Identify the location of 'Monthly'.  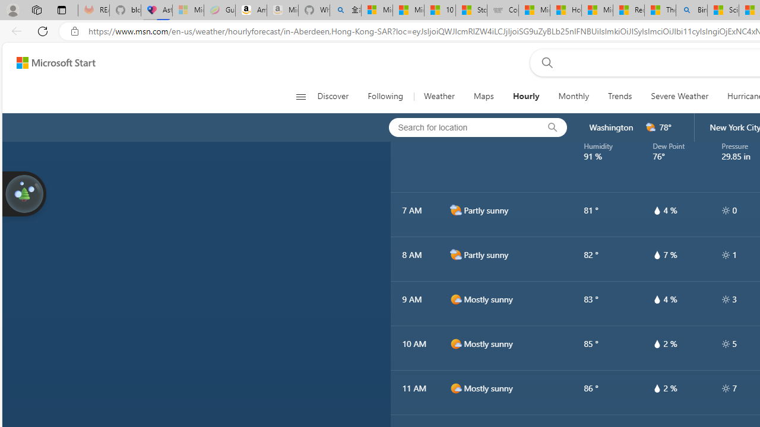
(574, 96).